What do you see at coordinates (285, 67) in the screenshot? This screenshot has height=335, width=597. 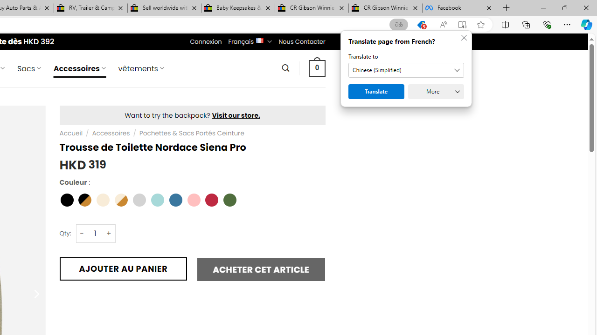 I see `'Recherche'` at bounding box center [285, 67].